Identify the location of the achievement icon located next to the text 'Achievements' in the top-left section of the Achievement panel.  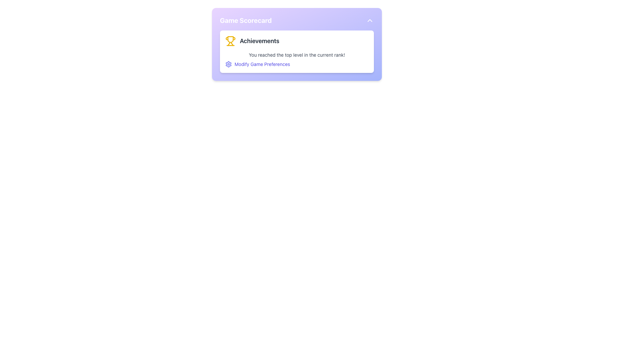
(231, 39).